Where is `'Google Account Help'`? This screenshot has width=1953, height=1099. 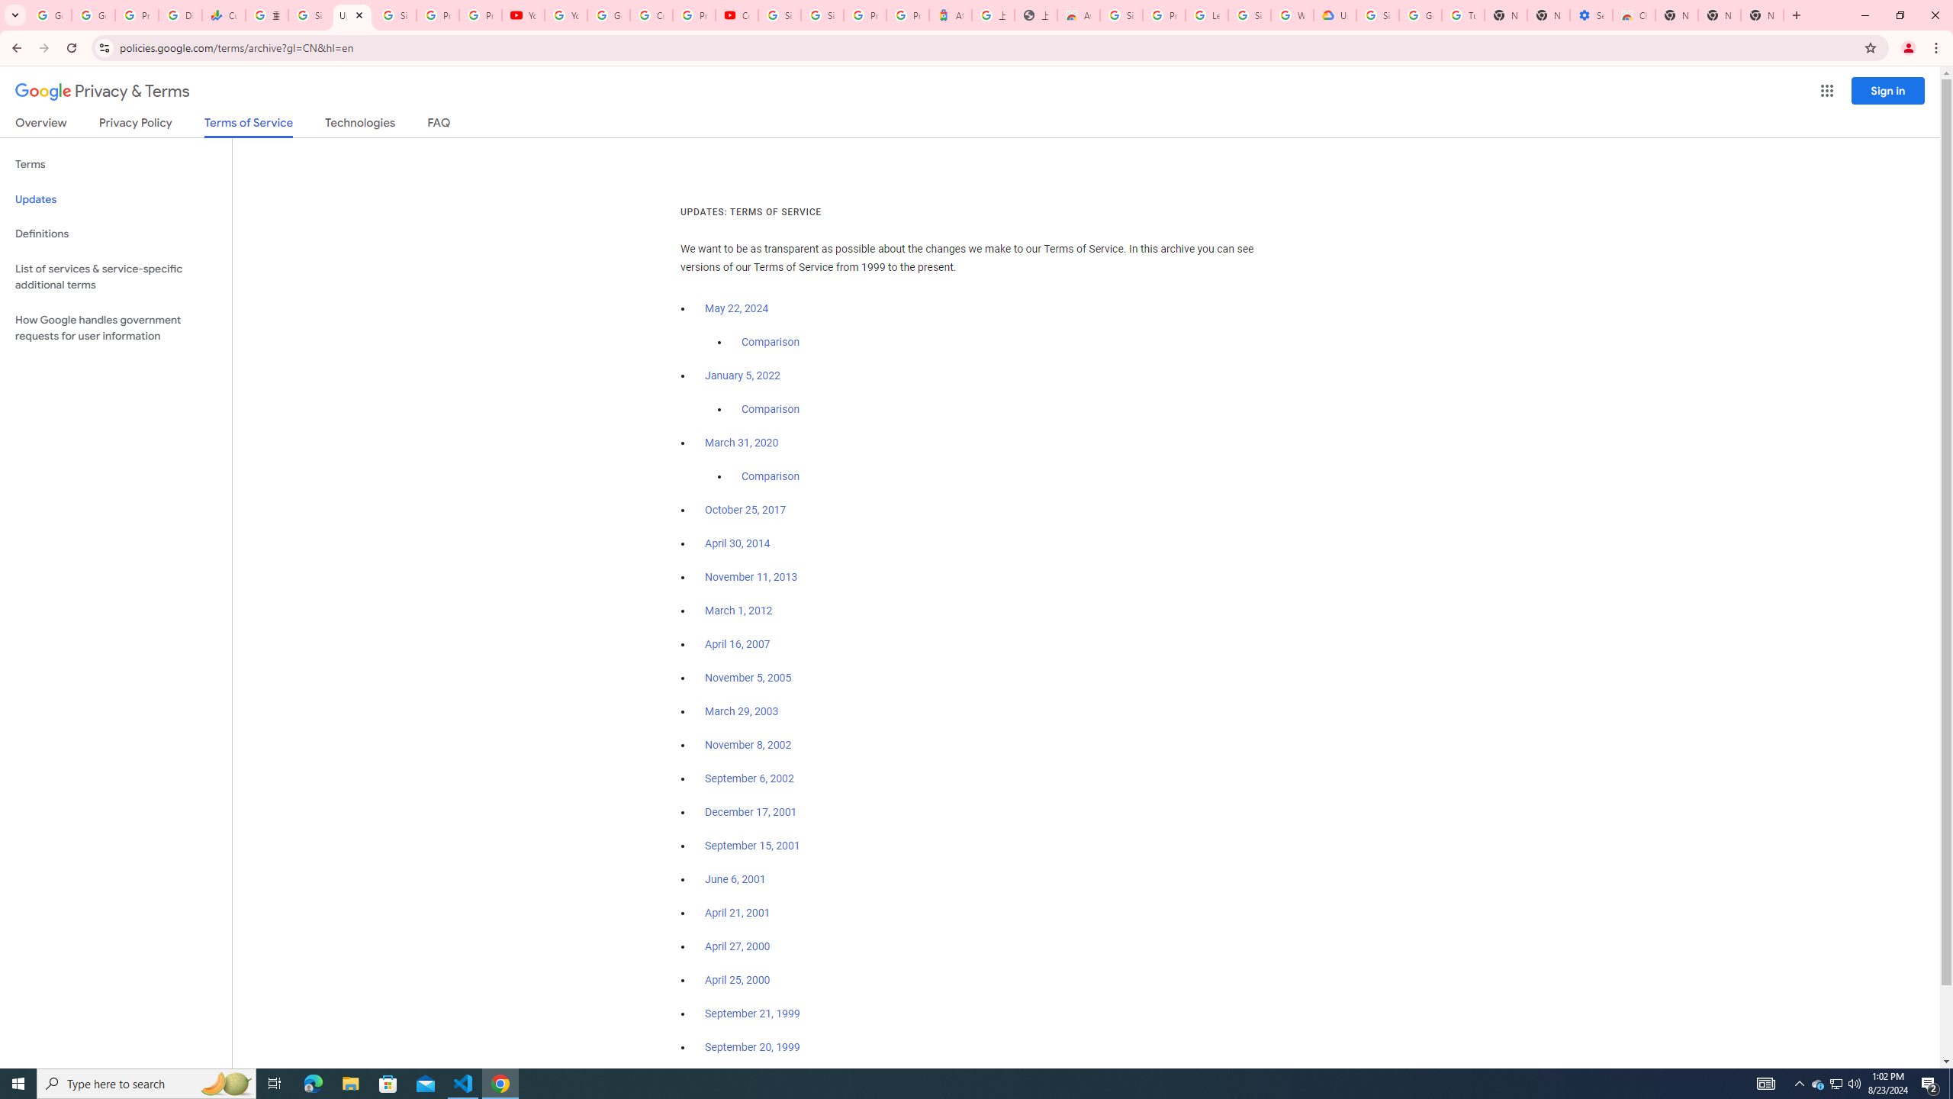 'Google Account Help' is located at coordinates (607, 15).